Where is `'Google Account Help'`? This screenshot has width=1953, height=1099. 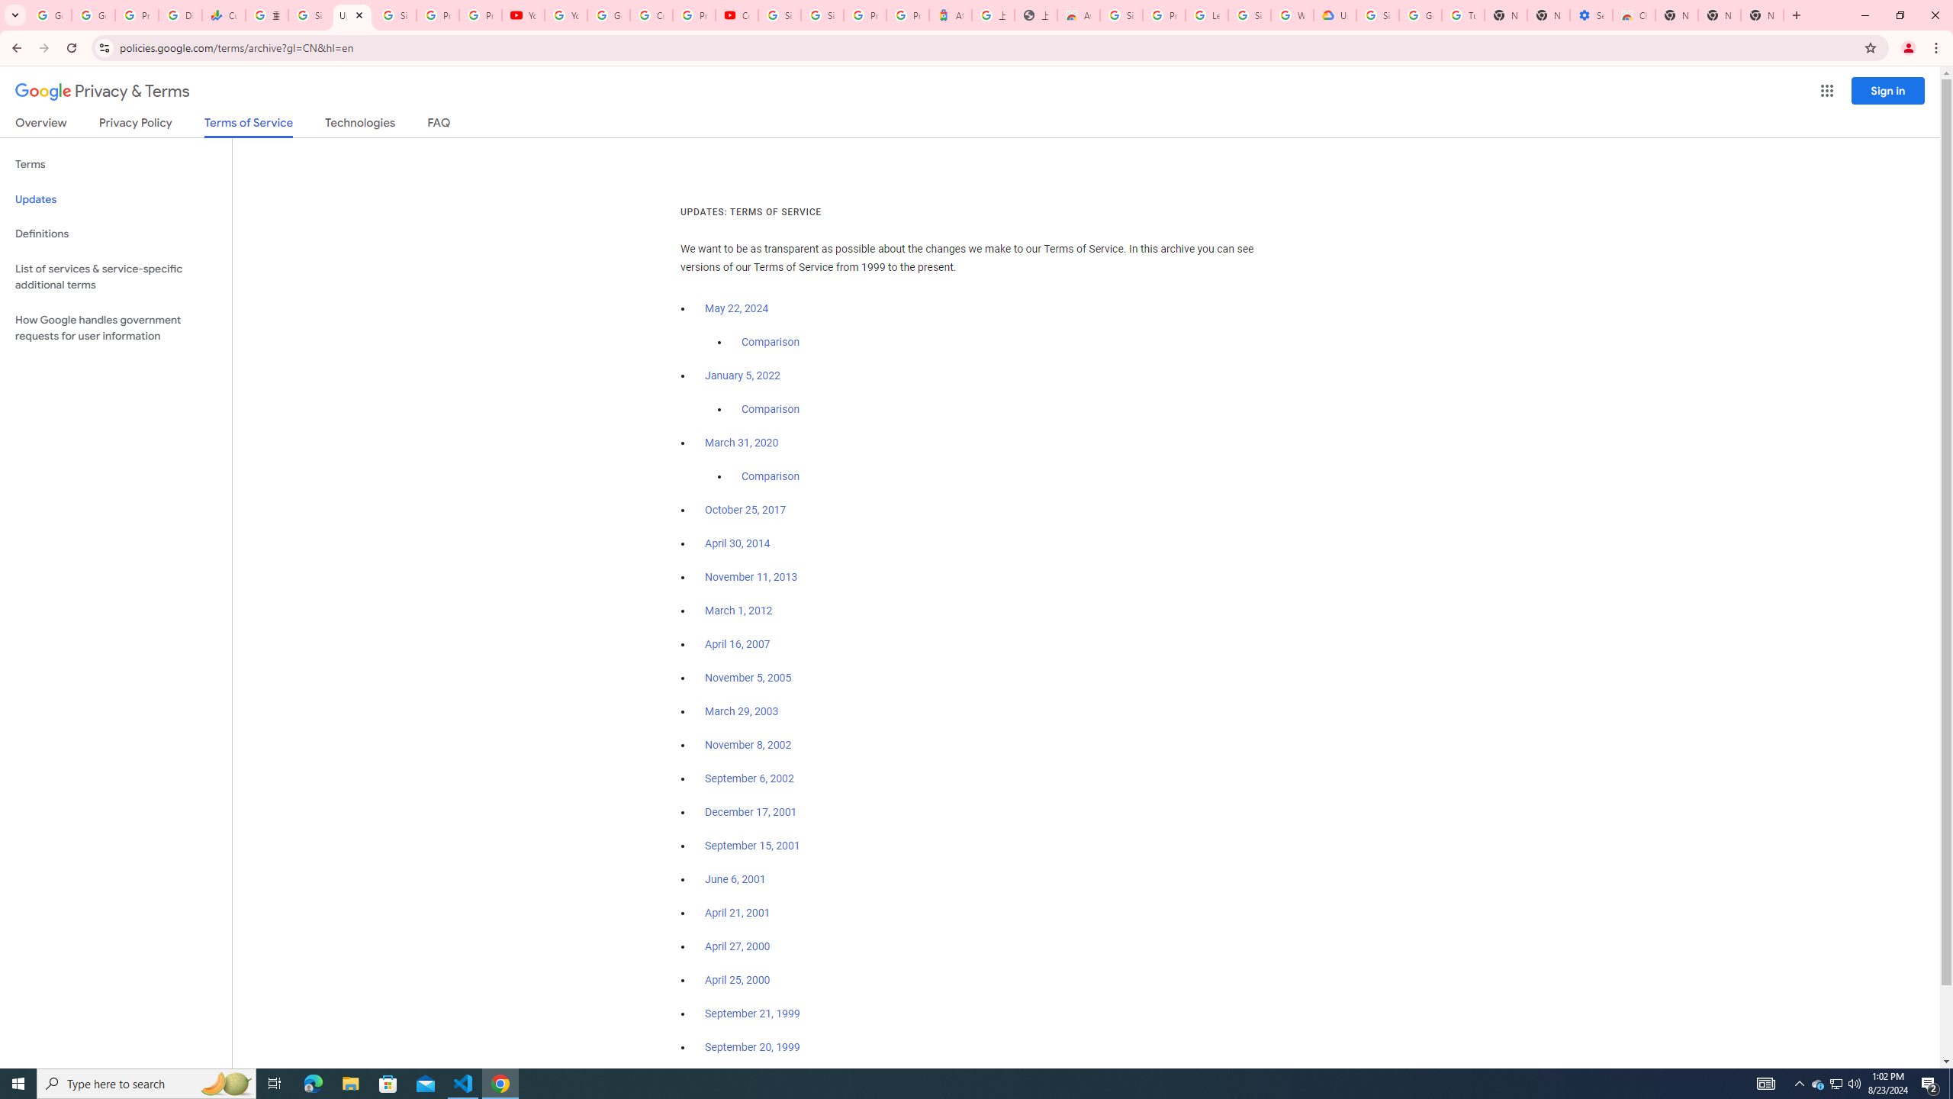 'Google Account Help' is located at coordinates (607, 15).